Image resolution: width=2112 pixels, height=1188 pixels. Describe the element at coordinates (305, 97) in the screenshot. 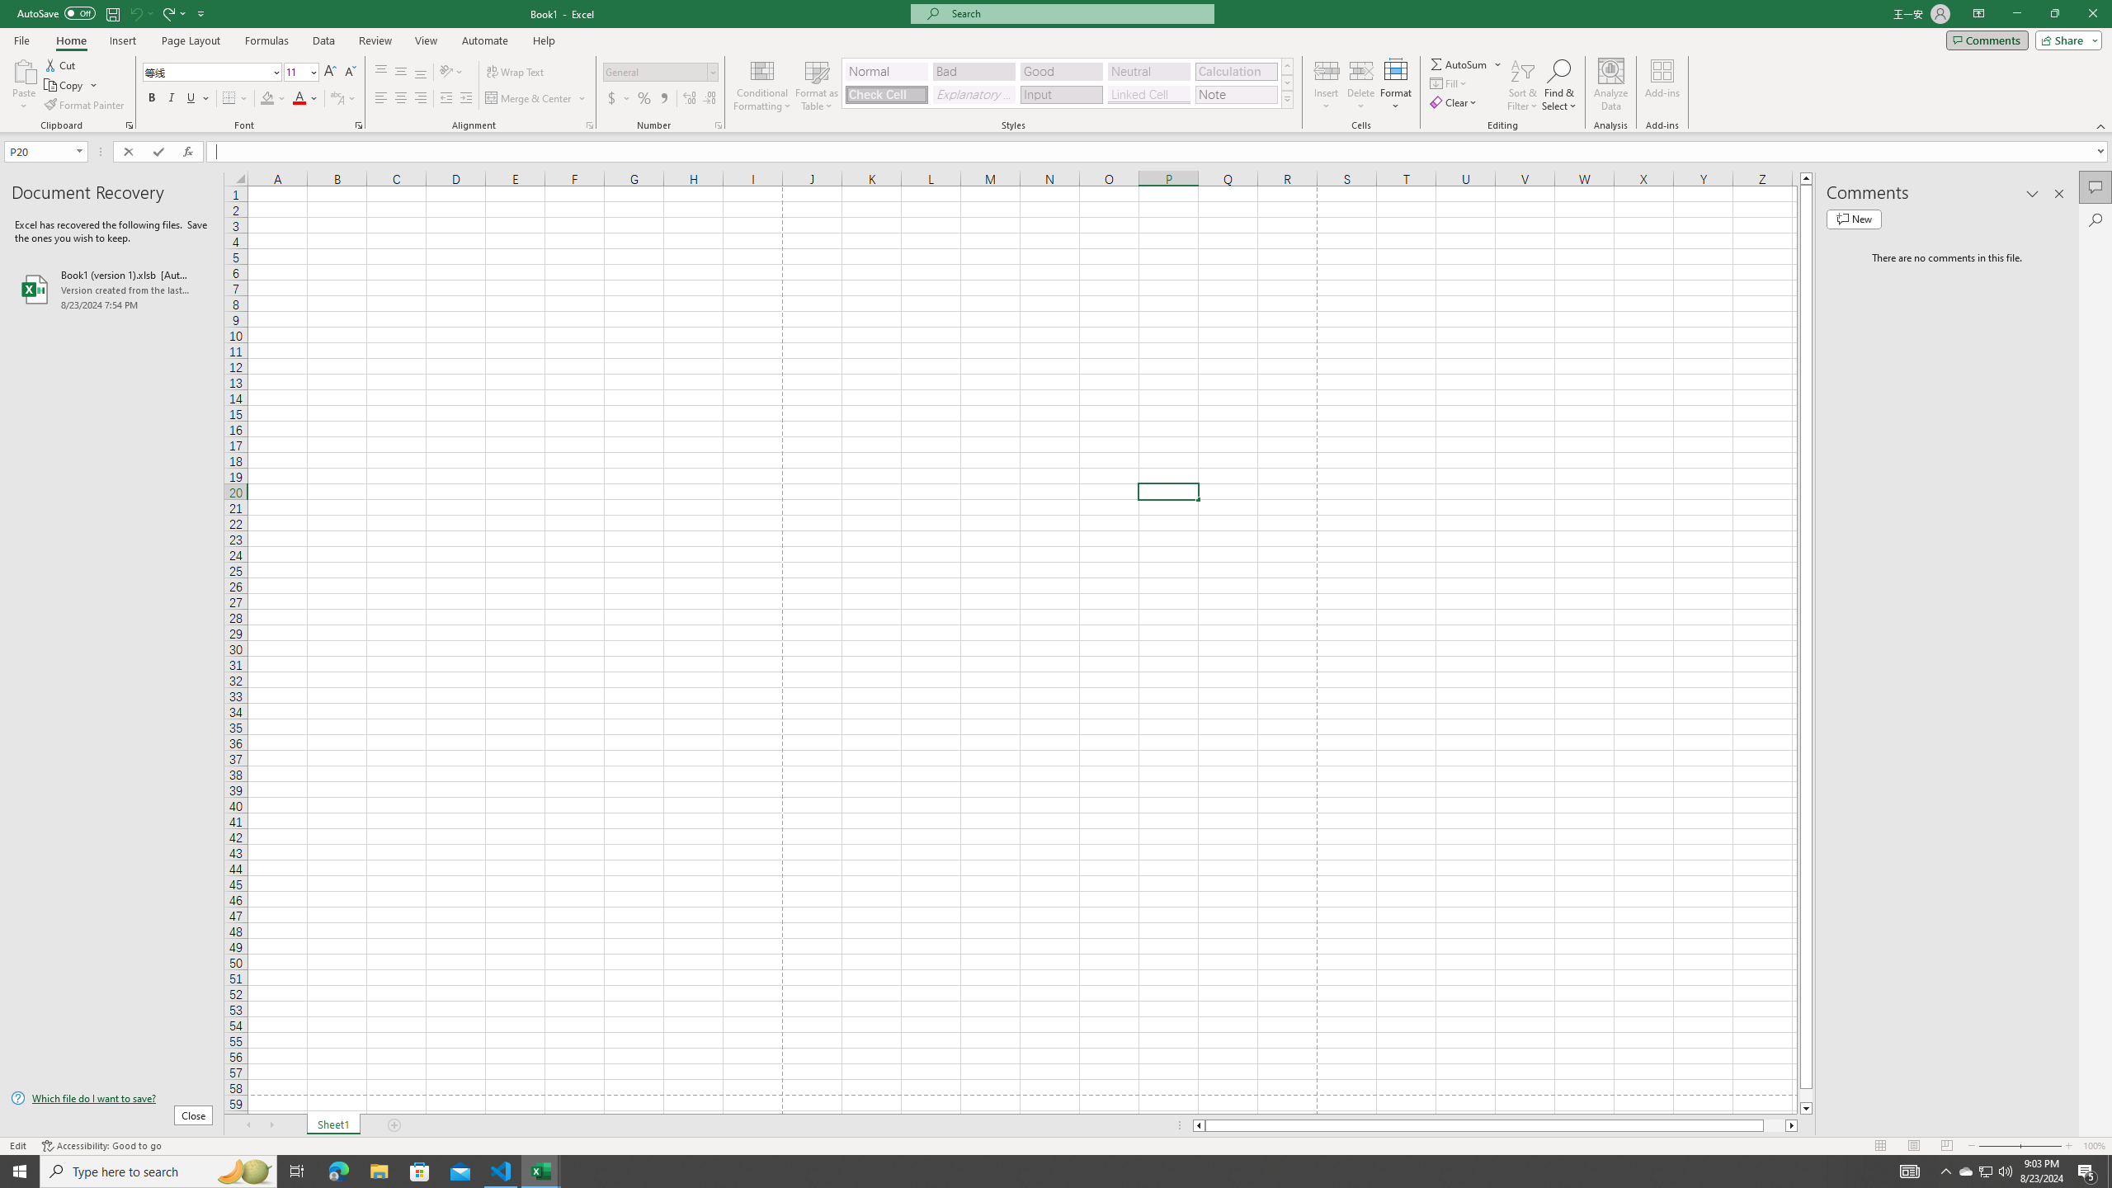

I see `'Font Color'` at that location.